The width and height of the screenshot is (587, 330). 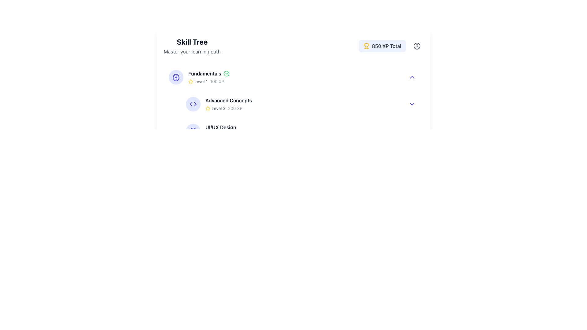 What do you see at coordinates (190, 81) in the screenshot?
I see `the yellow star icon filled with golden color, bordered with a thin black outline, located to the left of the text 'Level 1' and '100 XP', centrally aligned near the top of the subsection labeled 'Fundamentals'` at bounding box center [190, 81].